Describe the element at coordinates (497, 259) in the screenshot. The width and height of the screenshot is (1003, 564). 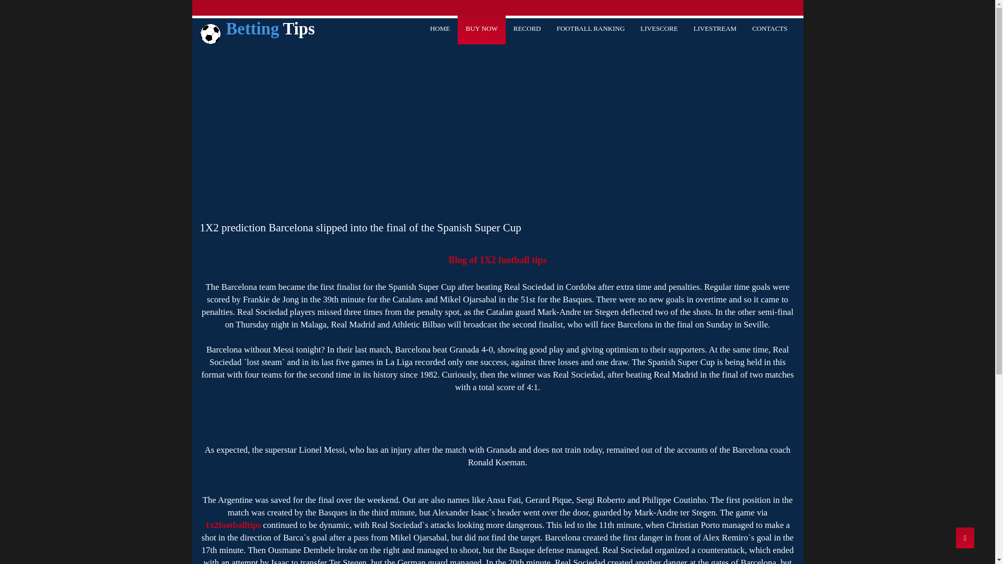
I see `'Blog of 1X2 football tips'` at that location.